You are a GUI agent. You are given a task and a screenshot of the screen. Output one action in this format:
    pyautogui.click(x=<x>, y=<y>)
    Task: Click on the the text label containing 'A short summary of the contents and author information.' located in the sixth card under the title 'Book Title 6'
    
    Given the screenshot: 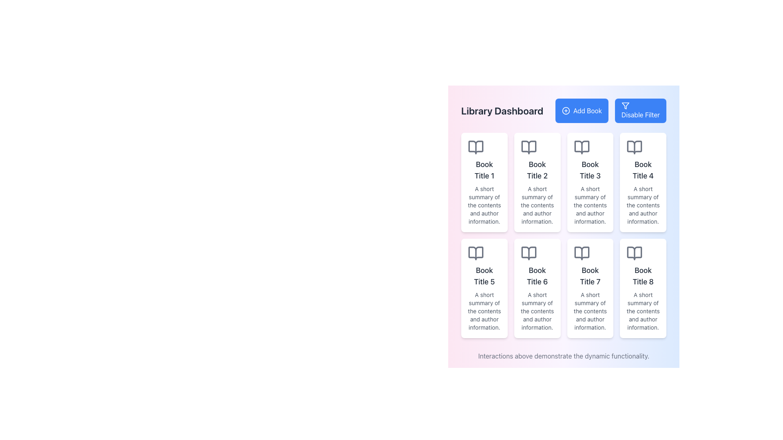 What is the action you would take?
    pyautogui.click(x=537, y=311)
    